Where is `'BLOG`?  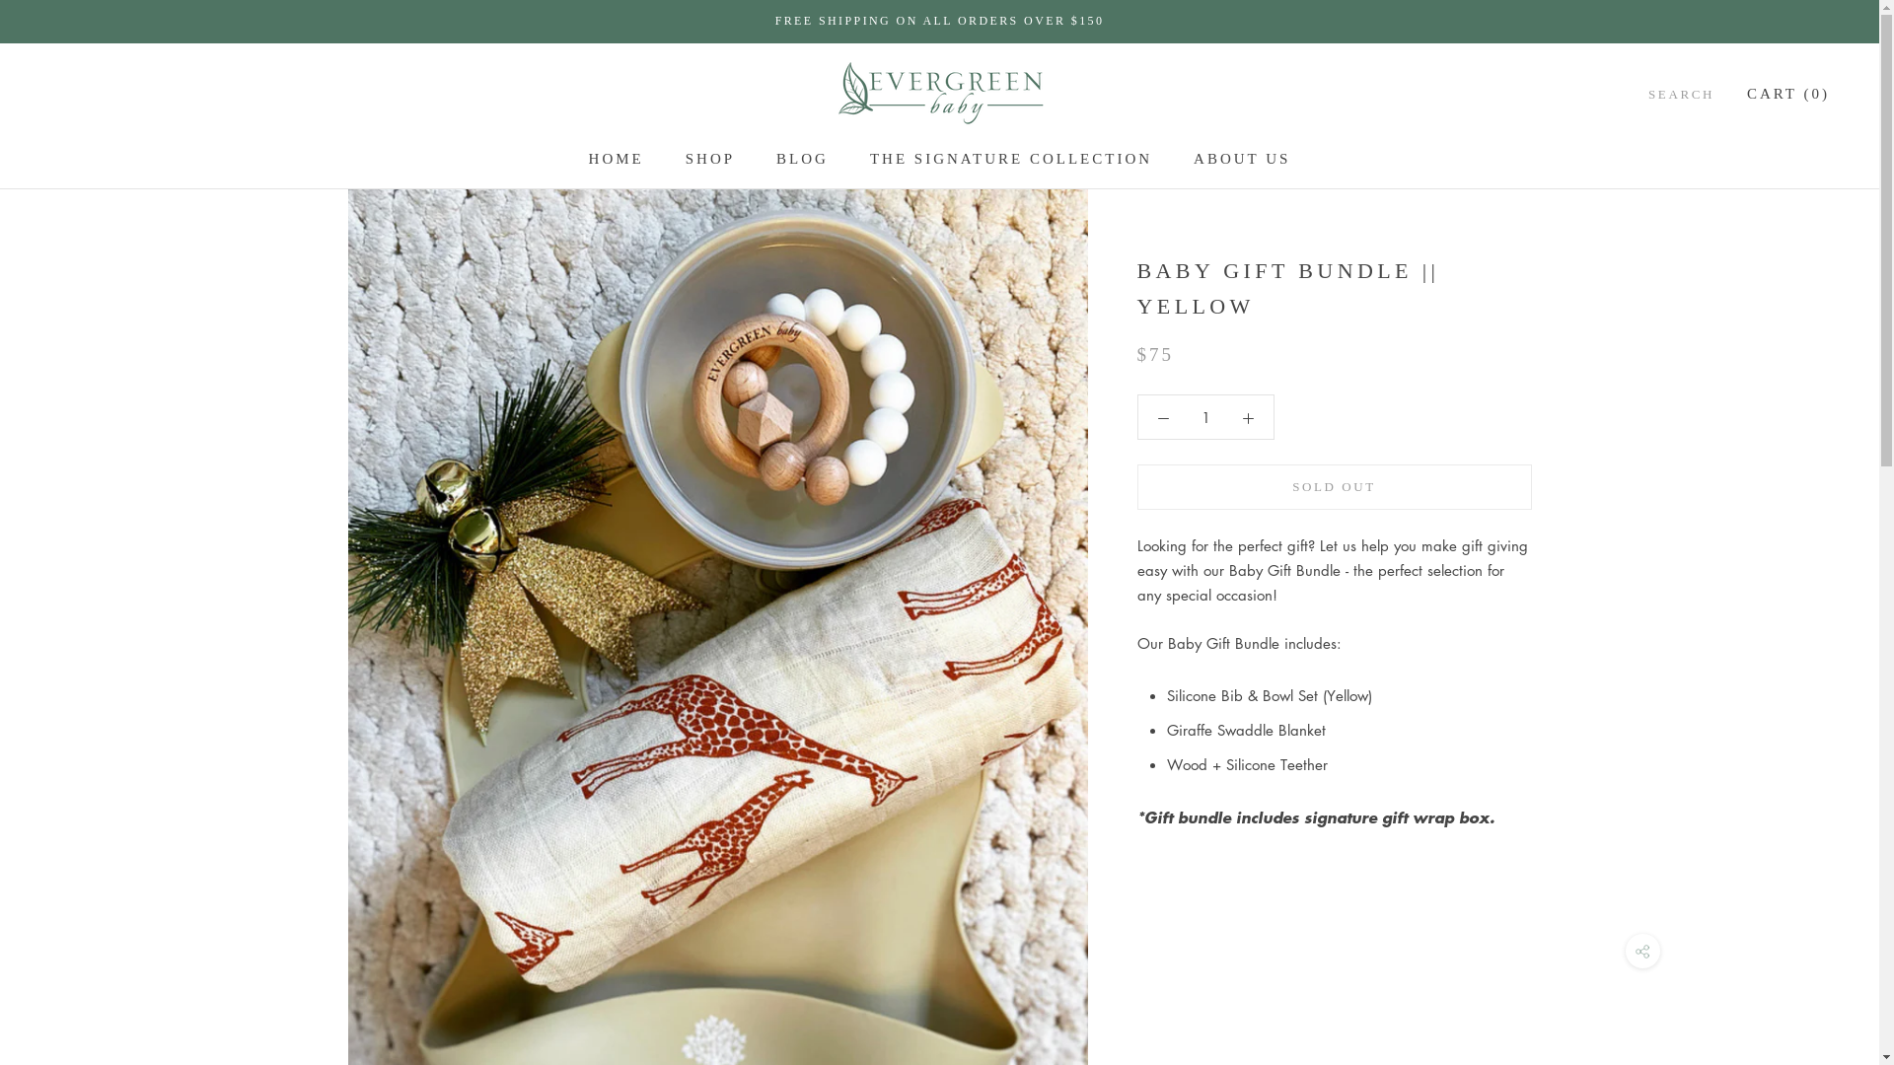
'BLOG is located at coordinates (802, 158).